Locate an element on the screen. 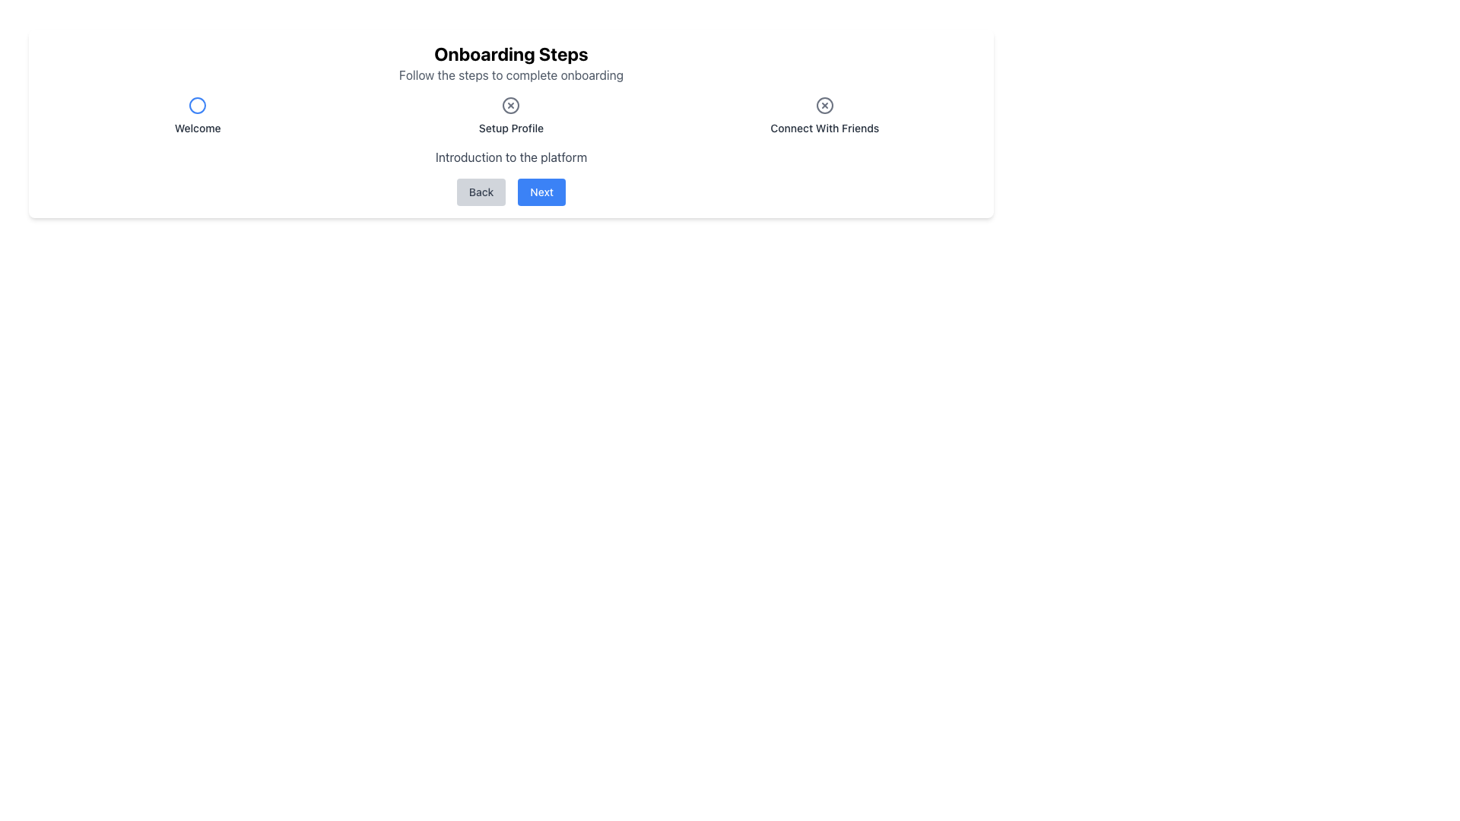 This screenshot has height=821, width=1460. the informative Text Element located below the 'Onboarding Steps' heading, which provides guidance about the onboarding process is located at coordinates (511, 75).